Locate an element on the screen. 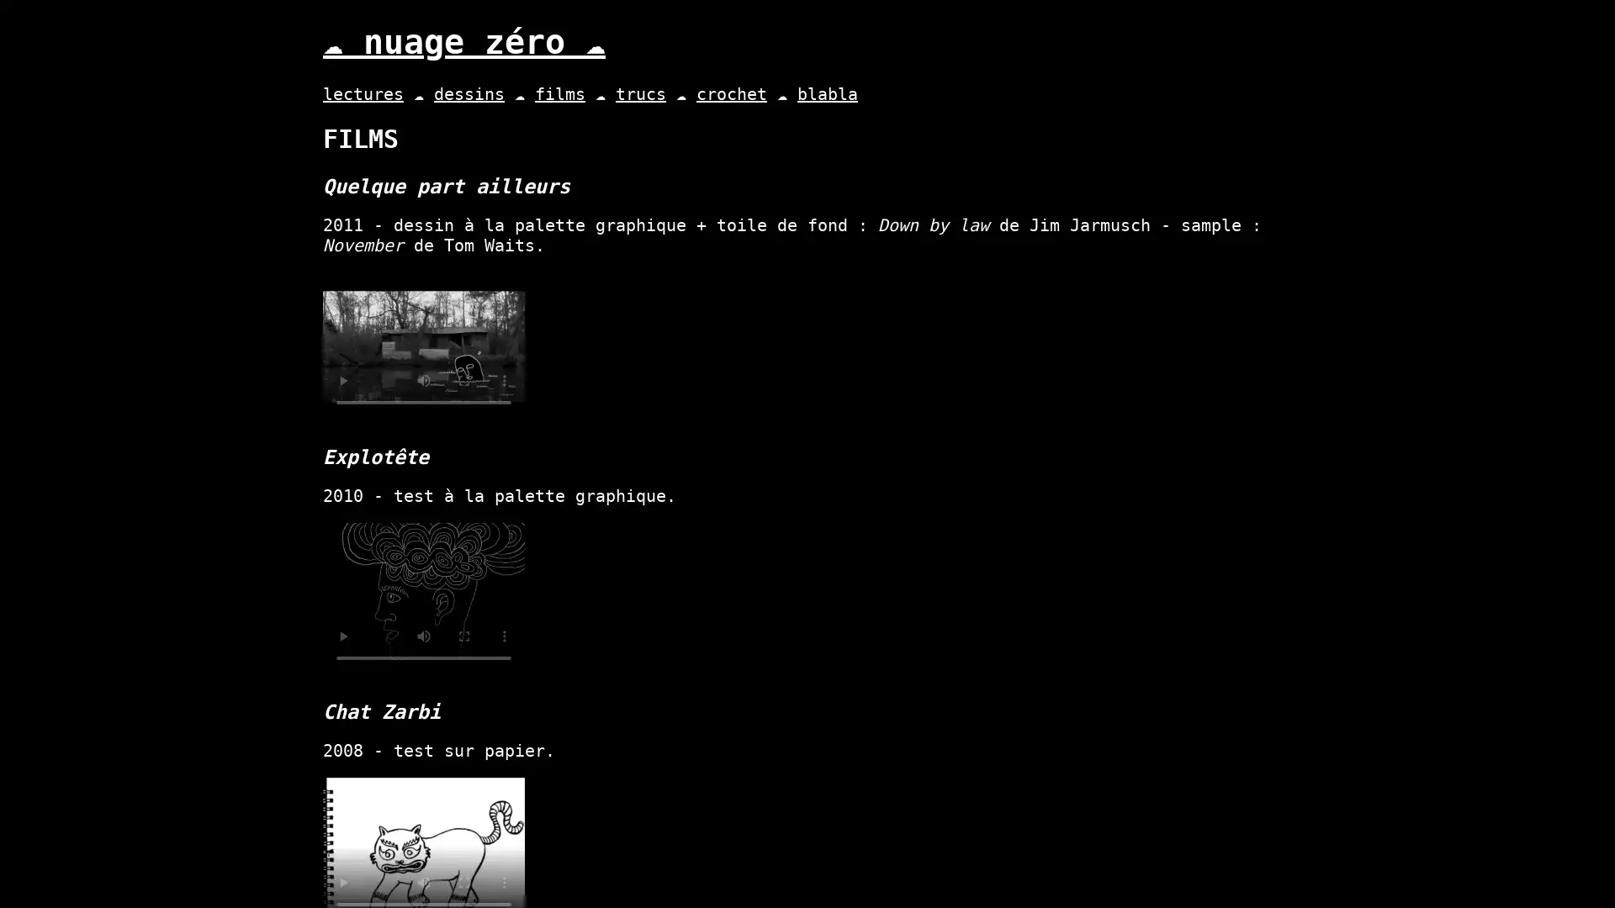  show more media controls is located at coordinates (504, 636).